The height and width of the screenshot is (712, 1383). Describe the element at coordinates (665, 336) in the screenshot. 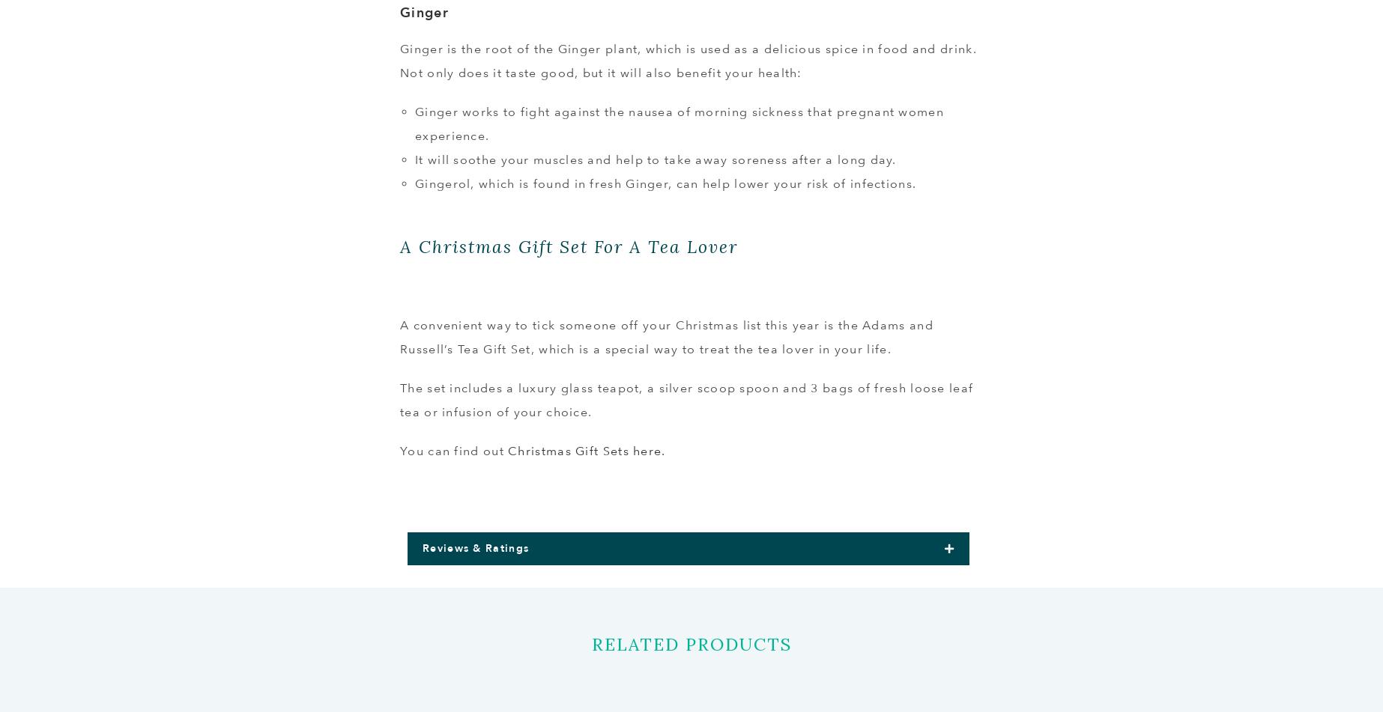

I see `'A convenient way to tick someone off your Christmas list this year is the Adams and Russell’s Tea Gift Set, which is a special way to treat the tea lover in your life.'` at that location.